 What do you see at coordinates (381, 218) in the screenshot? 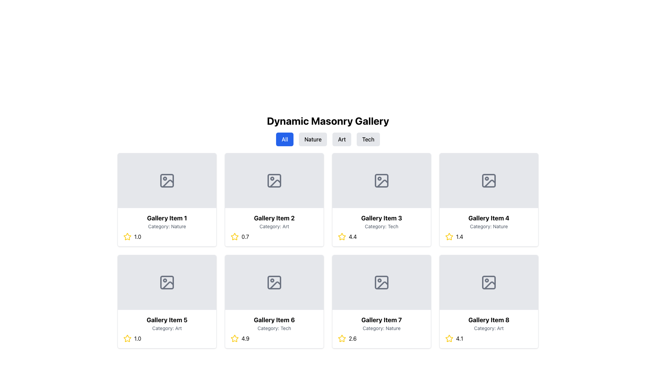
I see `the Text Label that serves as a title for the gallery item, located in the second row and third column of the layout` at bounding box center [381, 218].